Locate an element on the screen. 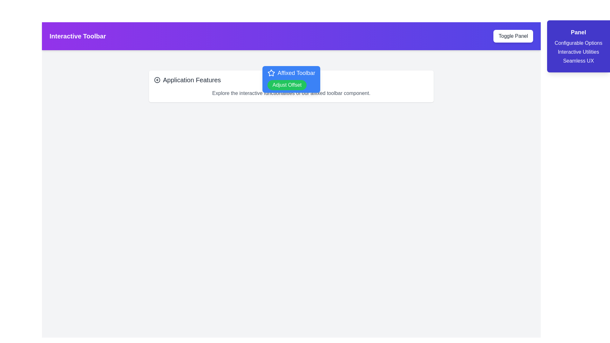 The height and width of the screenshot is (343, 610). the Interactive toolbar label with a button for 'Adjust Offset', which is centrally located below the 'Interactive Toolbar' section and above the 'Application Features' content box is located at coordinates (291, 79).